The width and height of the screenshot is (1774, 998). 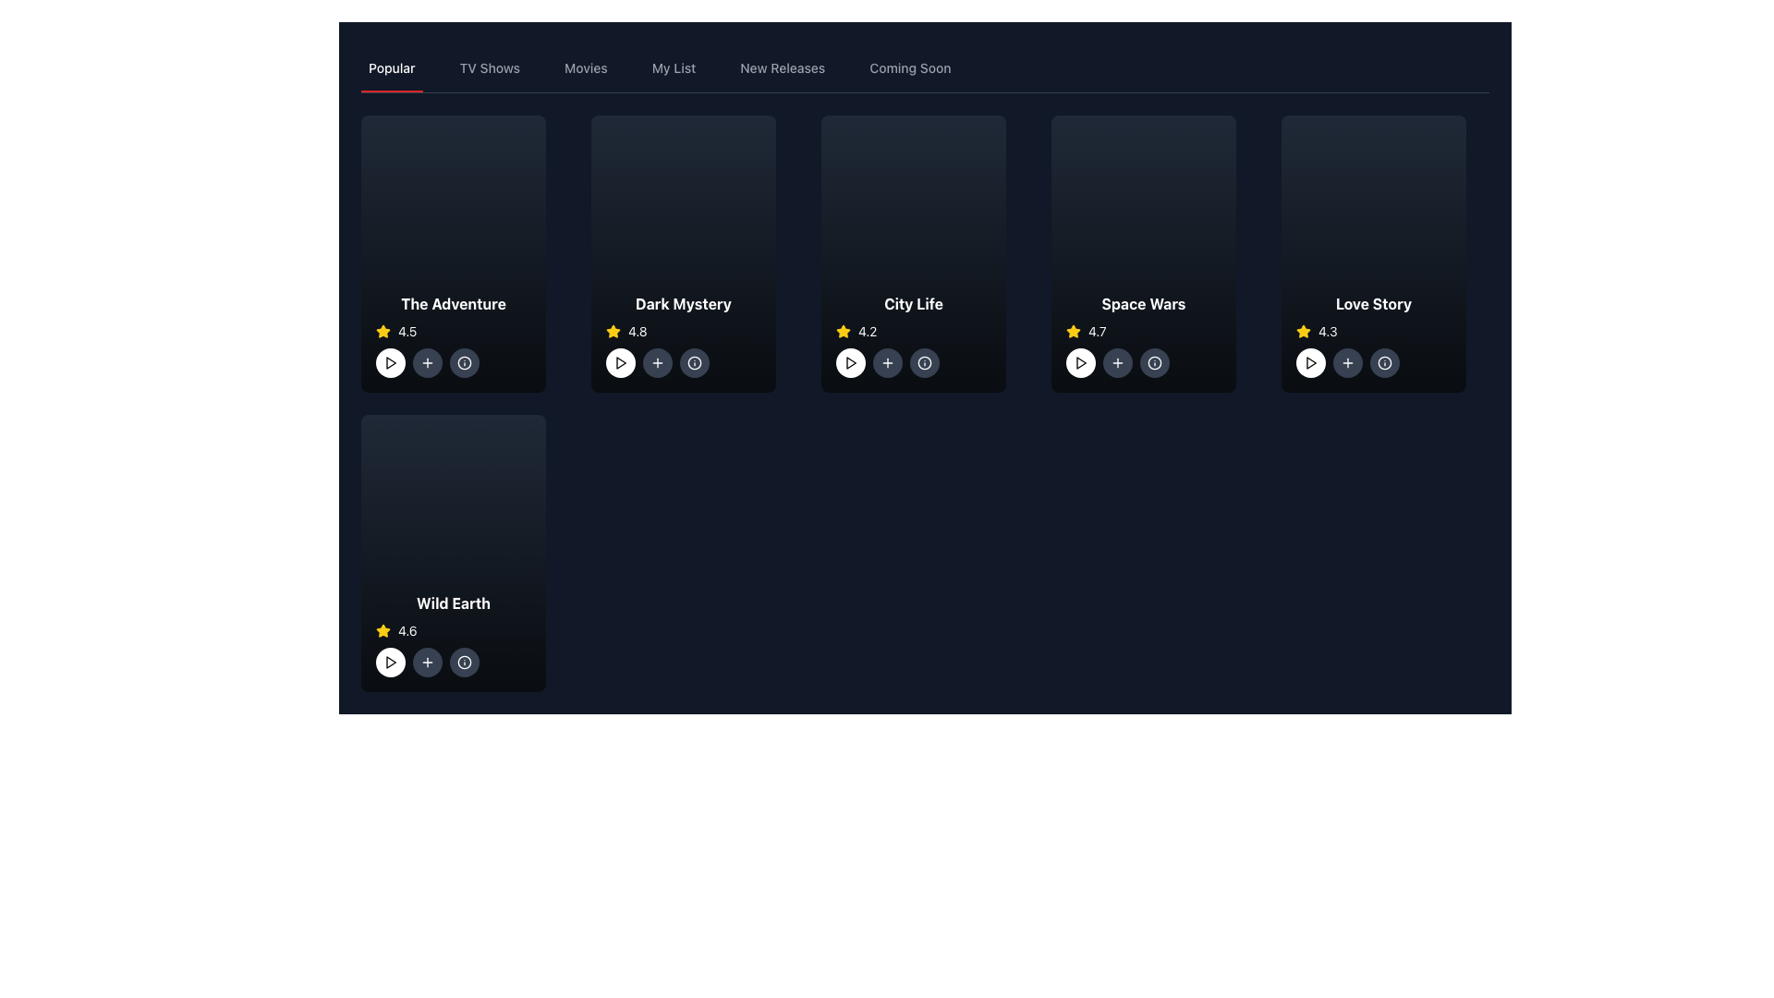 I want to click on the Add or Subscribe button located in the second position among the three circular buttons below the 'Love Story' card in the last column of the top row, so click(x=1348, y=363).